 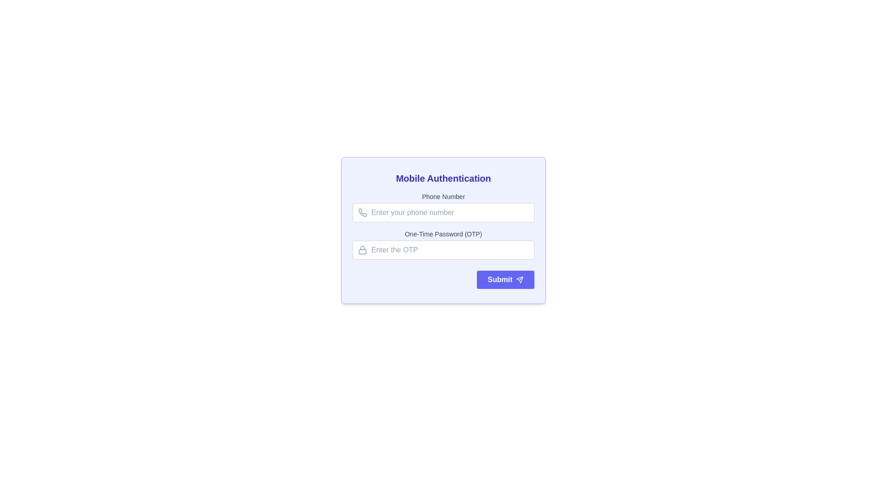 What do you see at coordinates (362, 213) in the screenshot?
I see `the phone icon, which is a light gray rounded stroke icon located to the left of the phone number input field in the Mobile Authentication form` at bounding box center [362, 213].